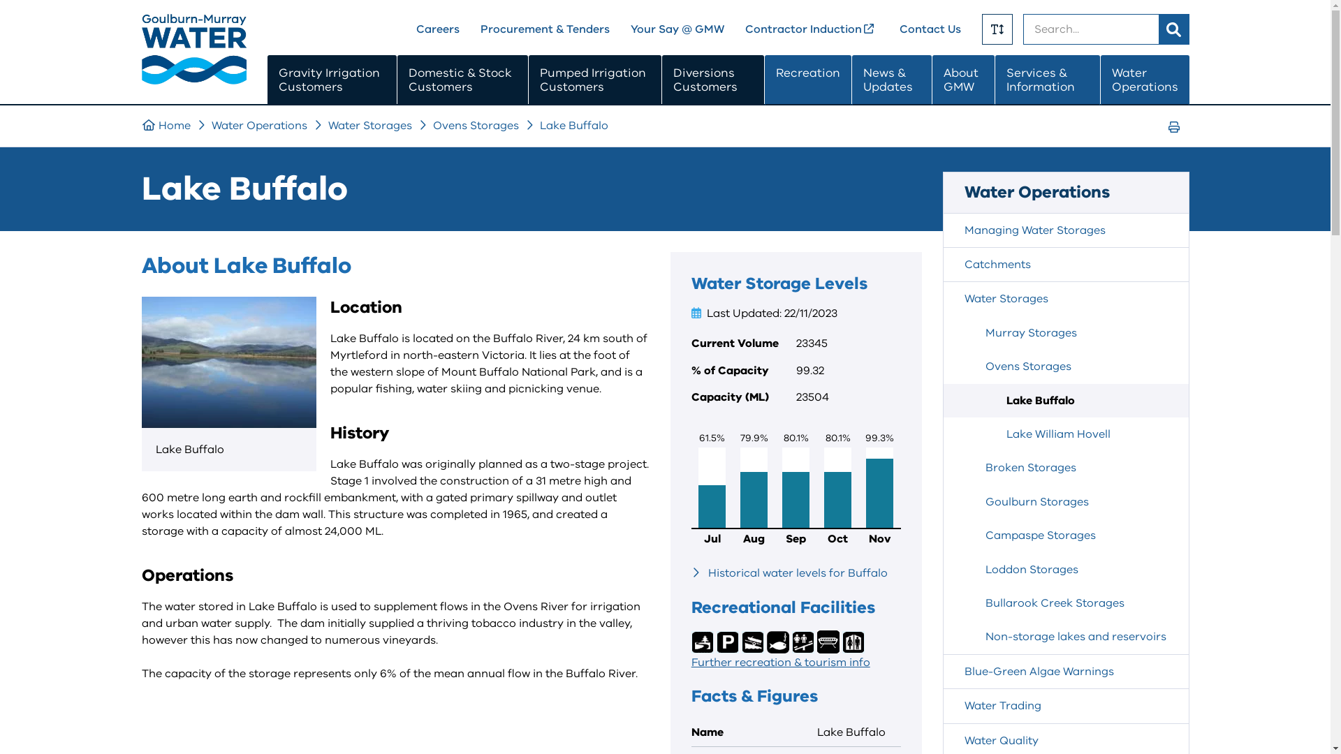  I want to click on 'Toggle Text Size', so click(997, 29).